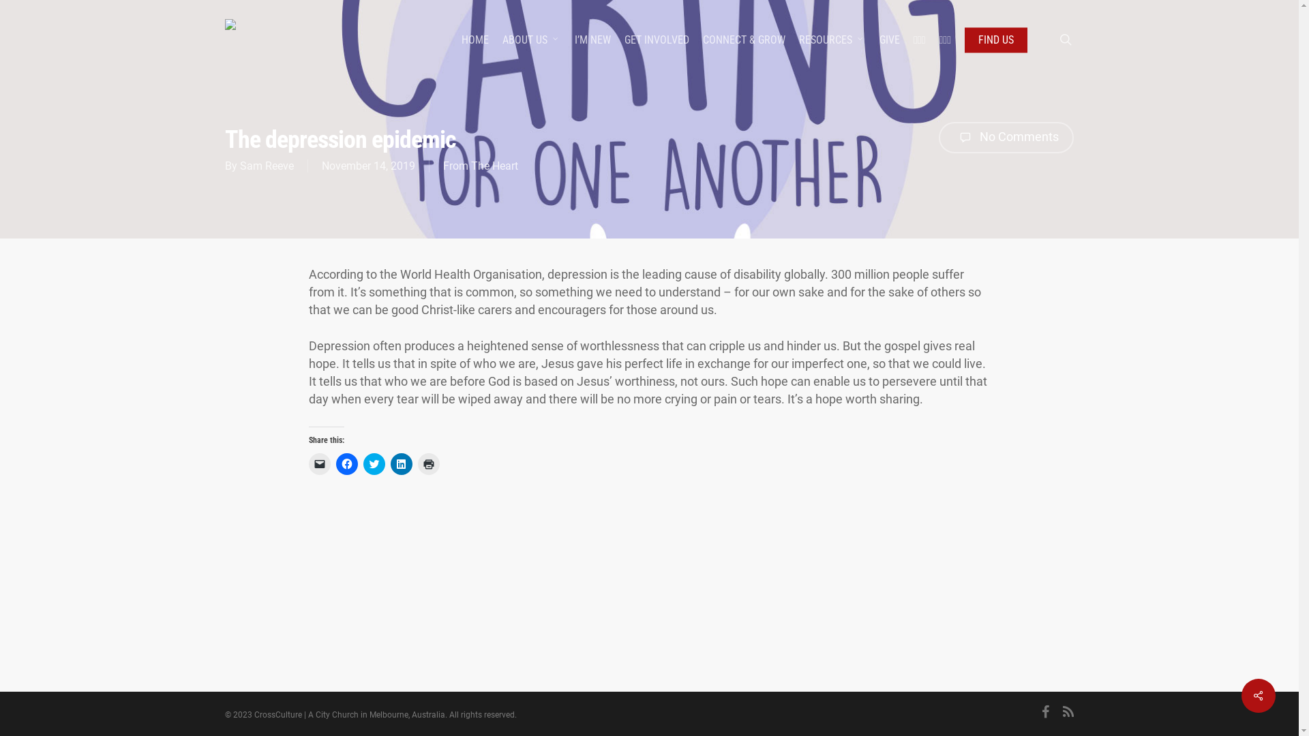 The height and width of the screenshot is (736, 1309). What do you see at coordinates (657, 38) in the screenshot?
I see `'GET INVOLVED'` at bounding box center [657, 38].